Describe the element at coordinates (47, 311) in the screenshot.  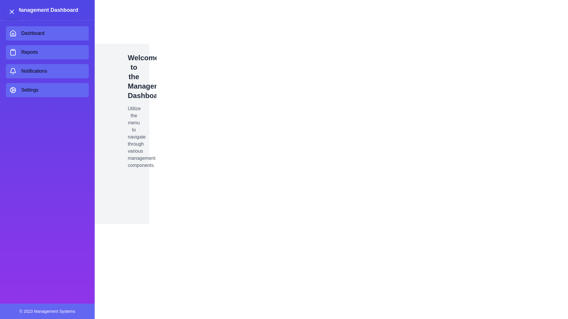
I see `the text block displaying '© 2023 Management Systems' in small white font against a purple background, located at the bottom of the design panel` at that location.